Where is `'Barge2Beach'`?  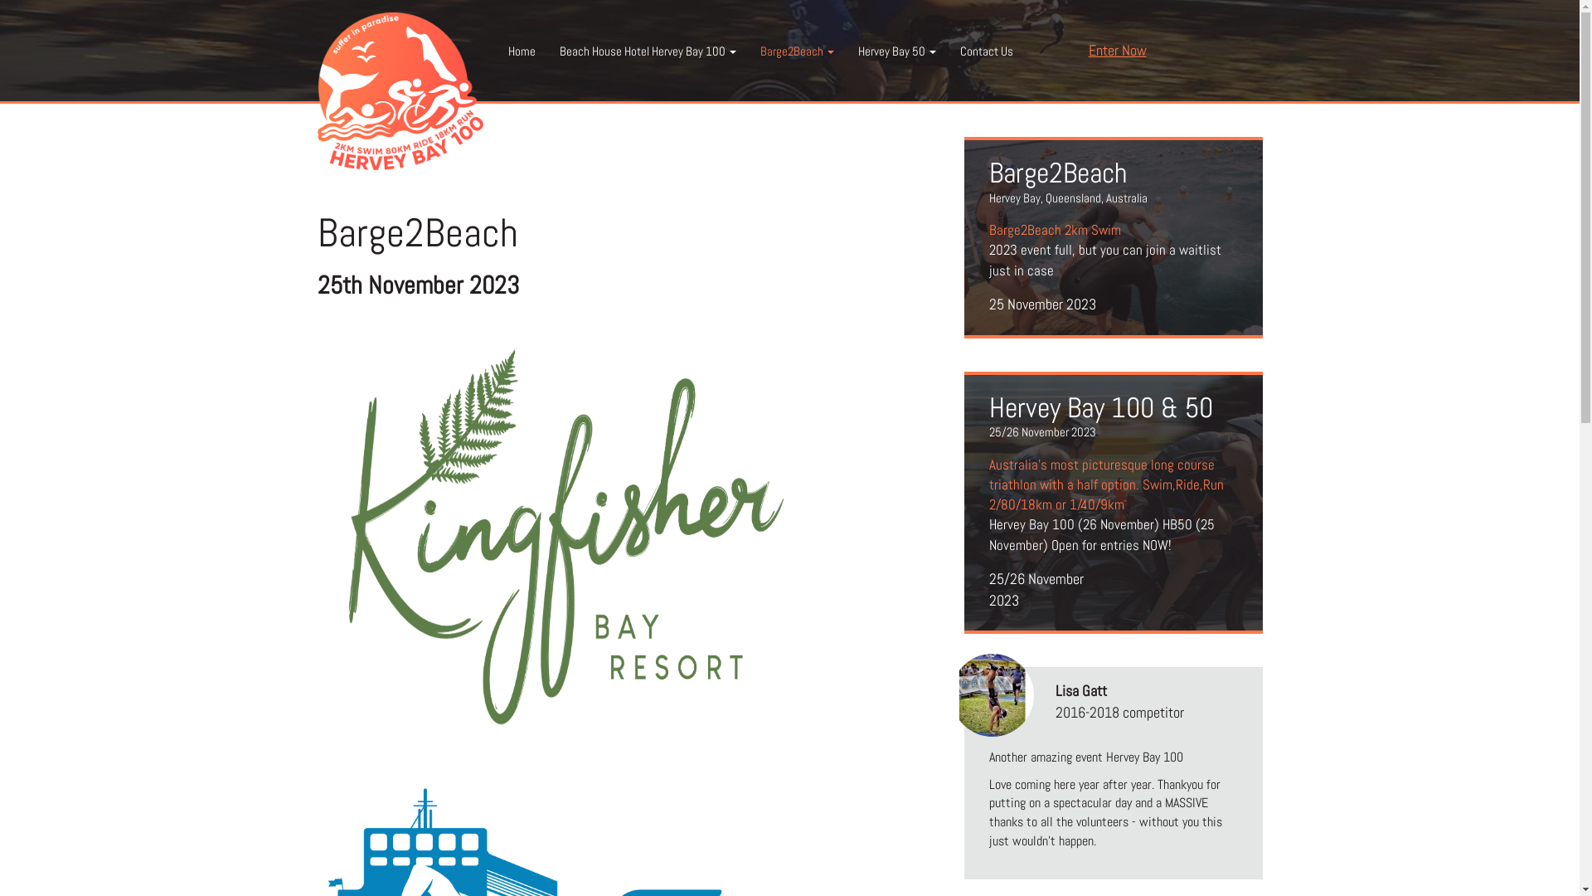
'Barge2Beach' is located at coordinates (796, 50).